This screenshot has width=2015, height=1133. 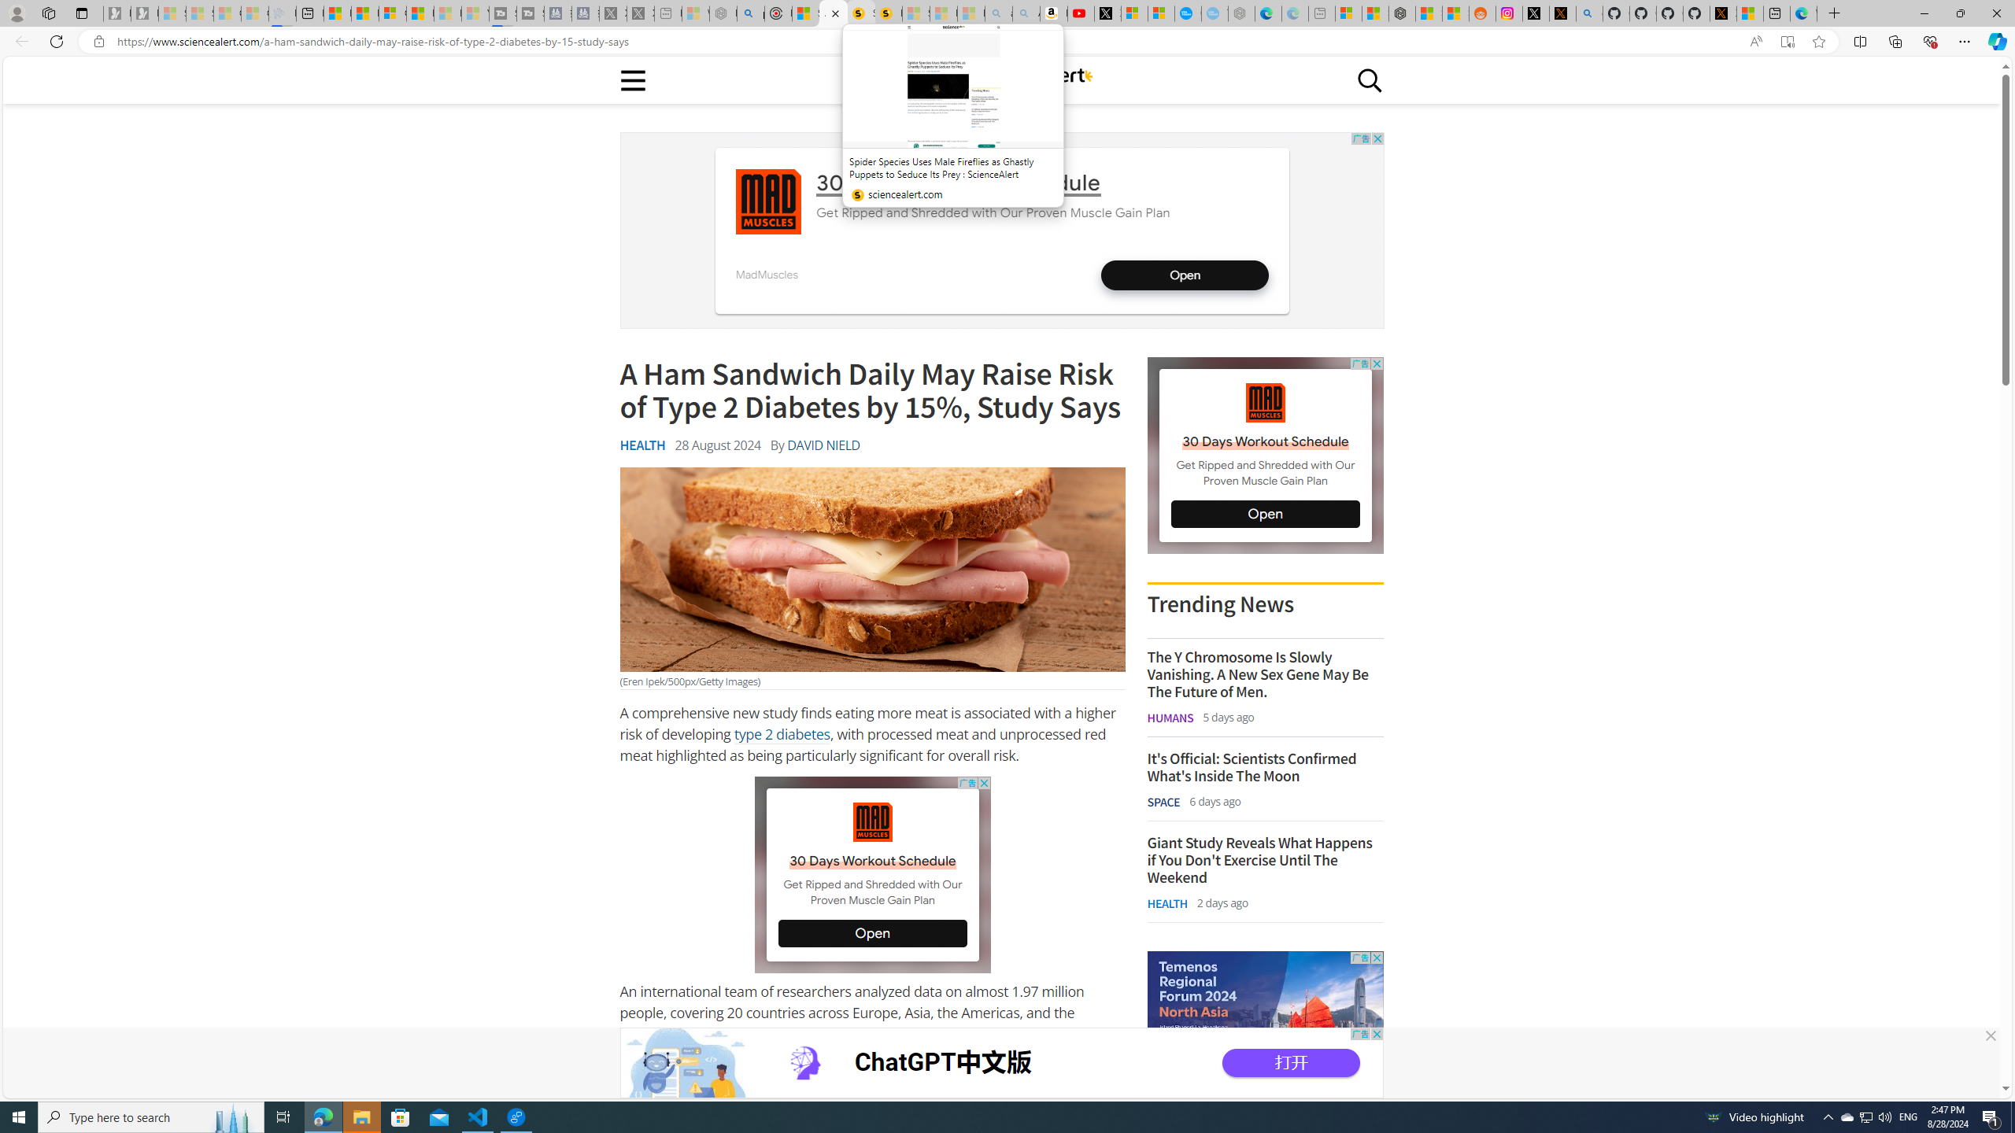 I want to click on 'ScienceAlert homepage', so click(x=1000, y=79).